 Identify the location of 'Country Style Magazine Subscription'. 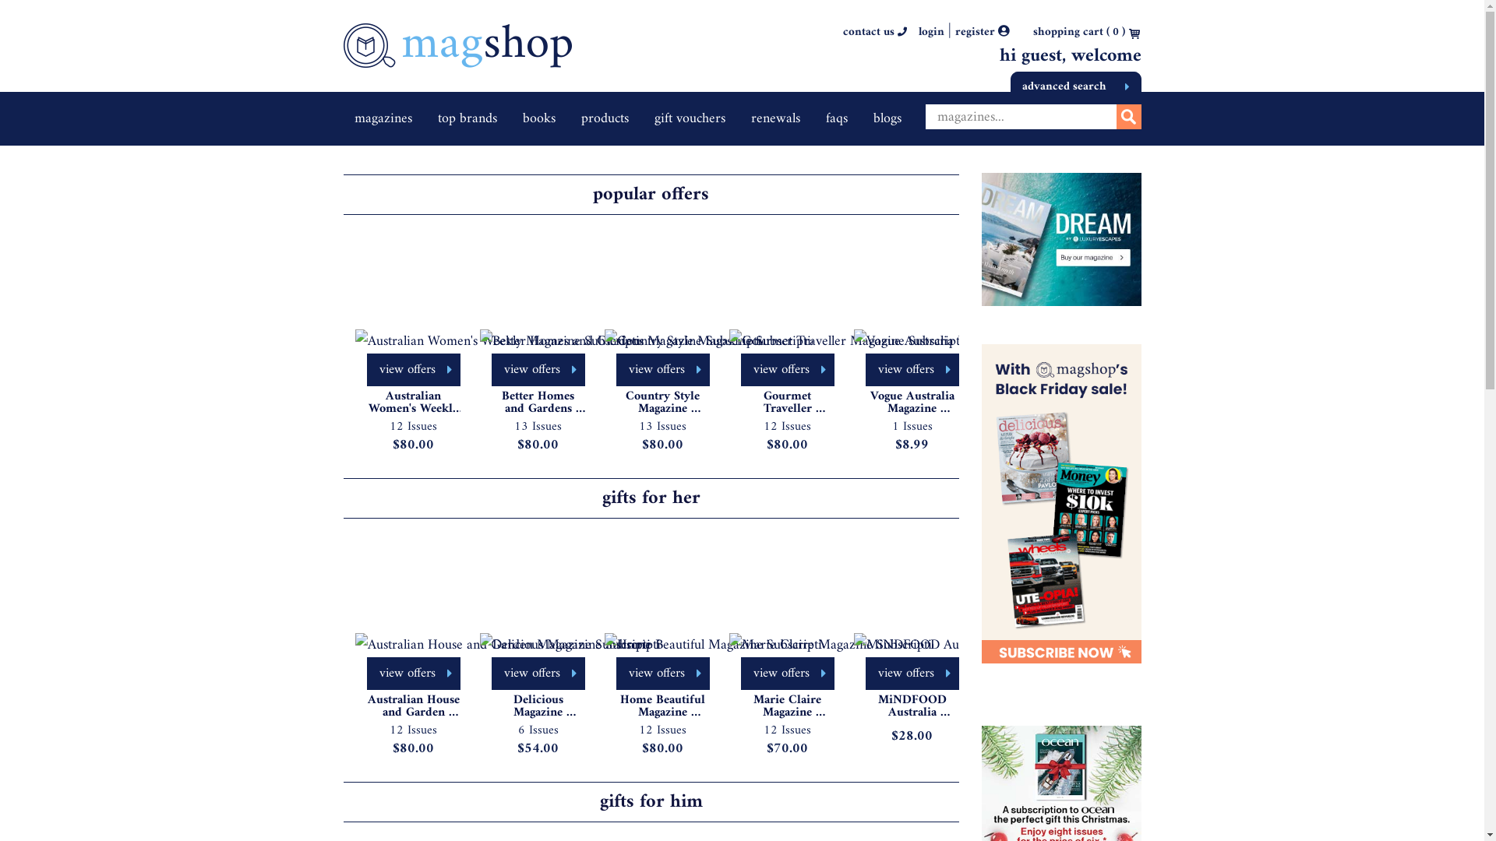
(615, 401).